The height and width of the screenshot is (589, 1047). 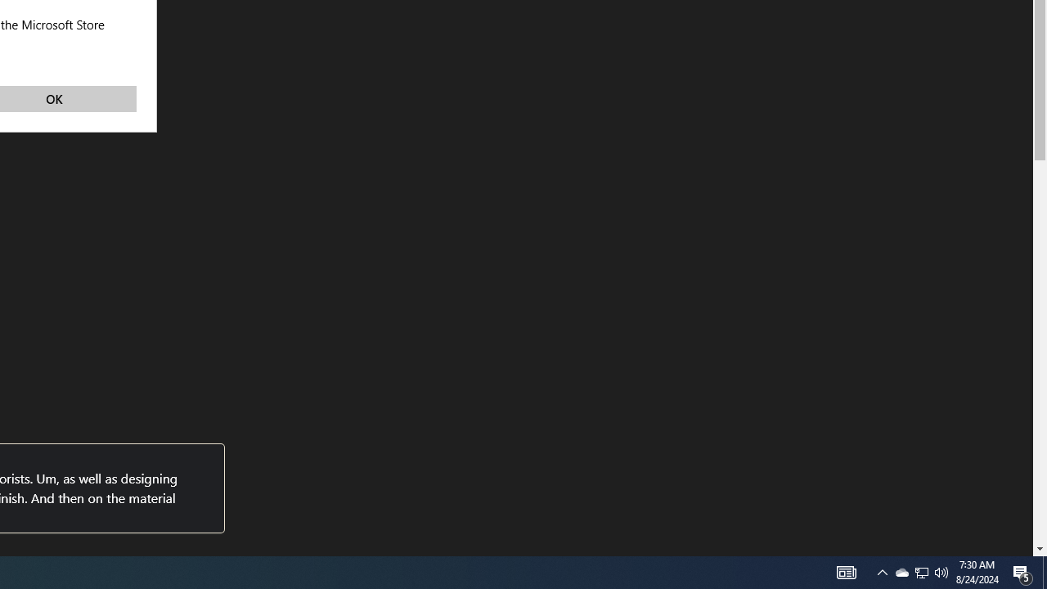 What do you see at coordinates (922, 571) in the screenshot?
I see `'User Promoted Notification Area'` at bounding box center [922, 571].